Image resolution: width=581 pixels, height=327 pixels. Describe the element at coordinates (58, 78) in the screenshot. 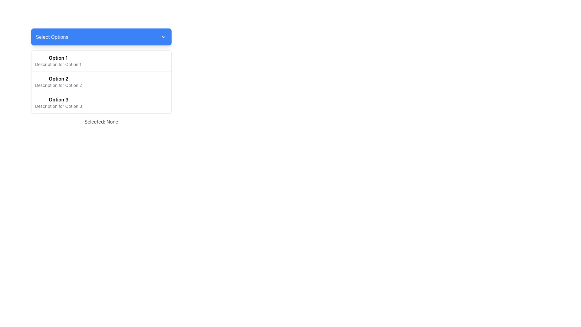

I see `the static text label 'Option 2', which is located in the second row of a dropdown menu above its description` at that location.